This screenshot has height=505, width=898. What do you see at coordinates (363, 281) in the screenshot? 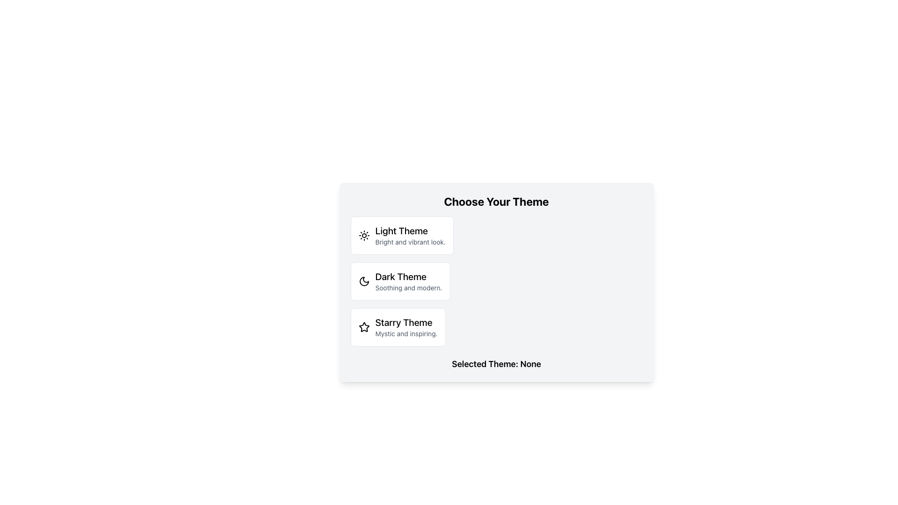
I see `the crescent moon icon representing the 'Dark Theme' option in the 'Choose Your Theme' card interface` at bounding box center [363, 281].